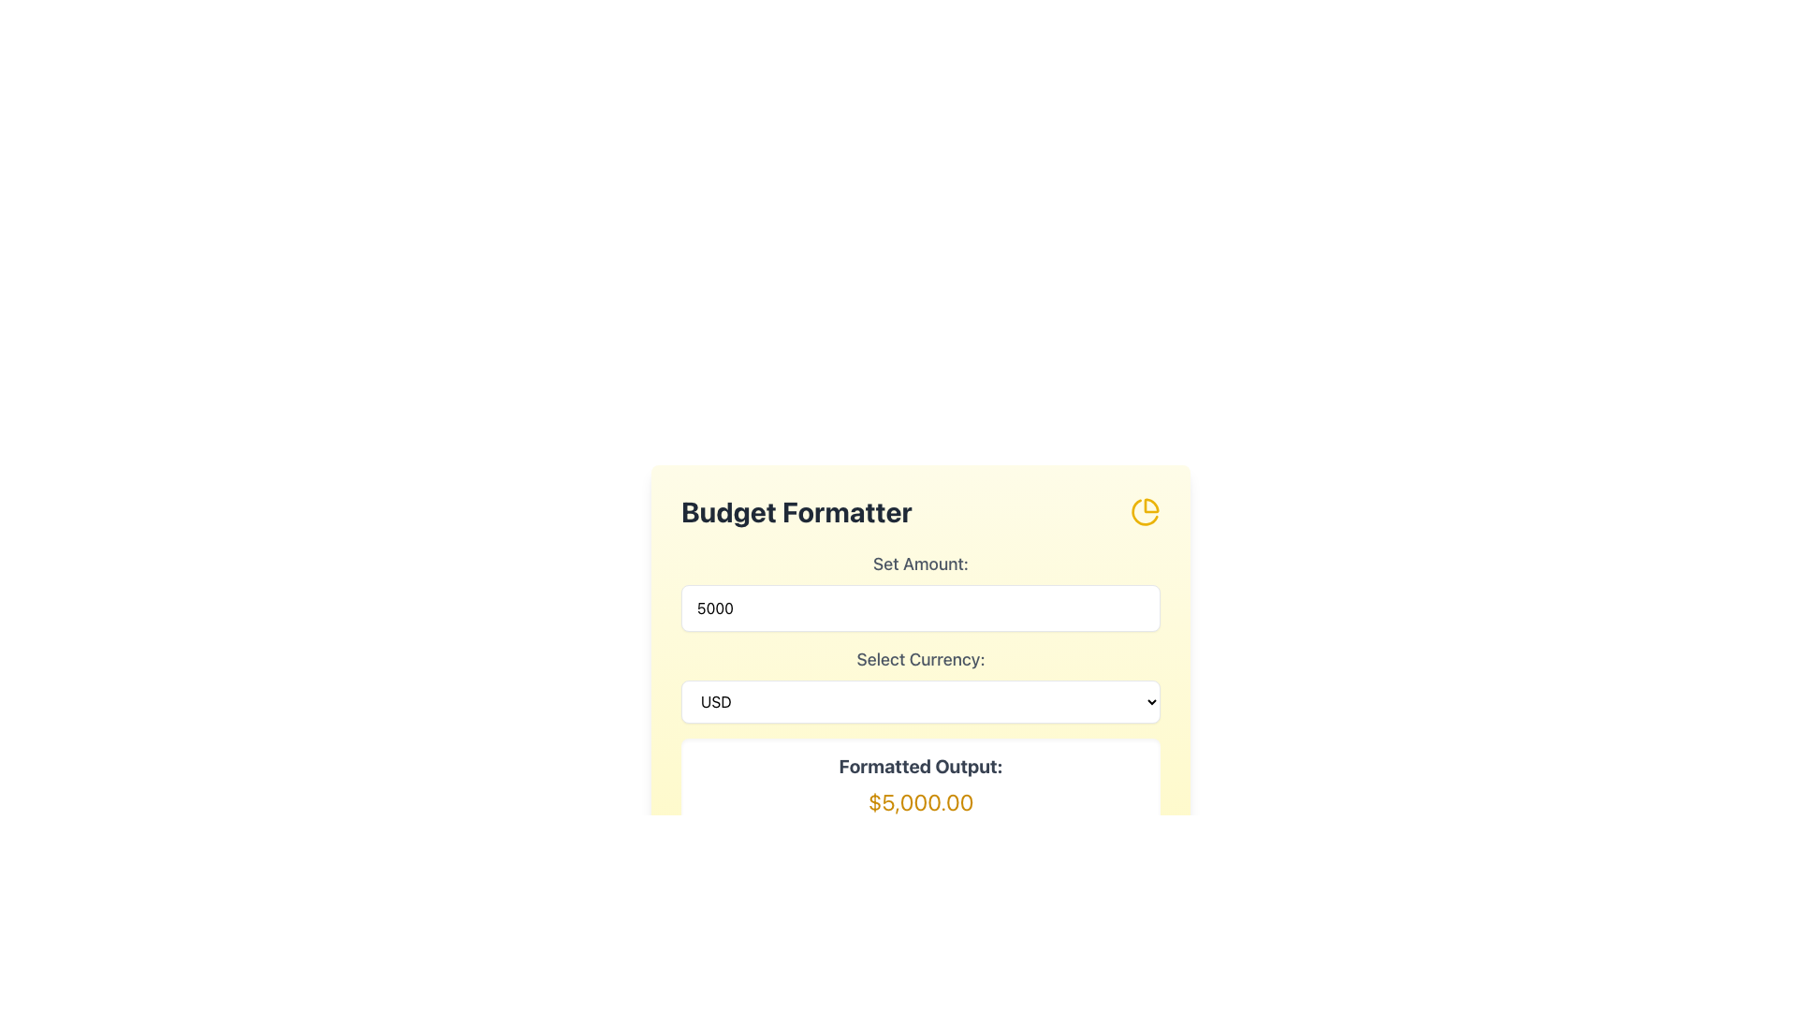 The width and height of the screenshot is (1797, 1011). I want to click on the Text Label that describes the dropdown menu for currency selection, located above the dropdown options in the budget formatting widget, so click(920, 659).